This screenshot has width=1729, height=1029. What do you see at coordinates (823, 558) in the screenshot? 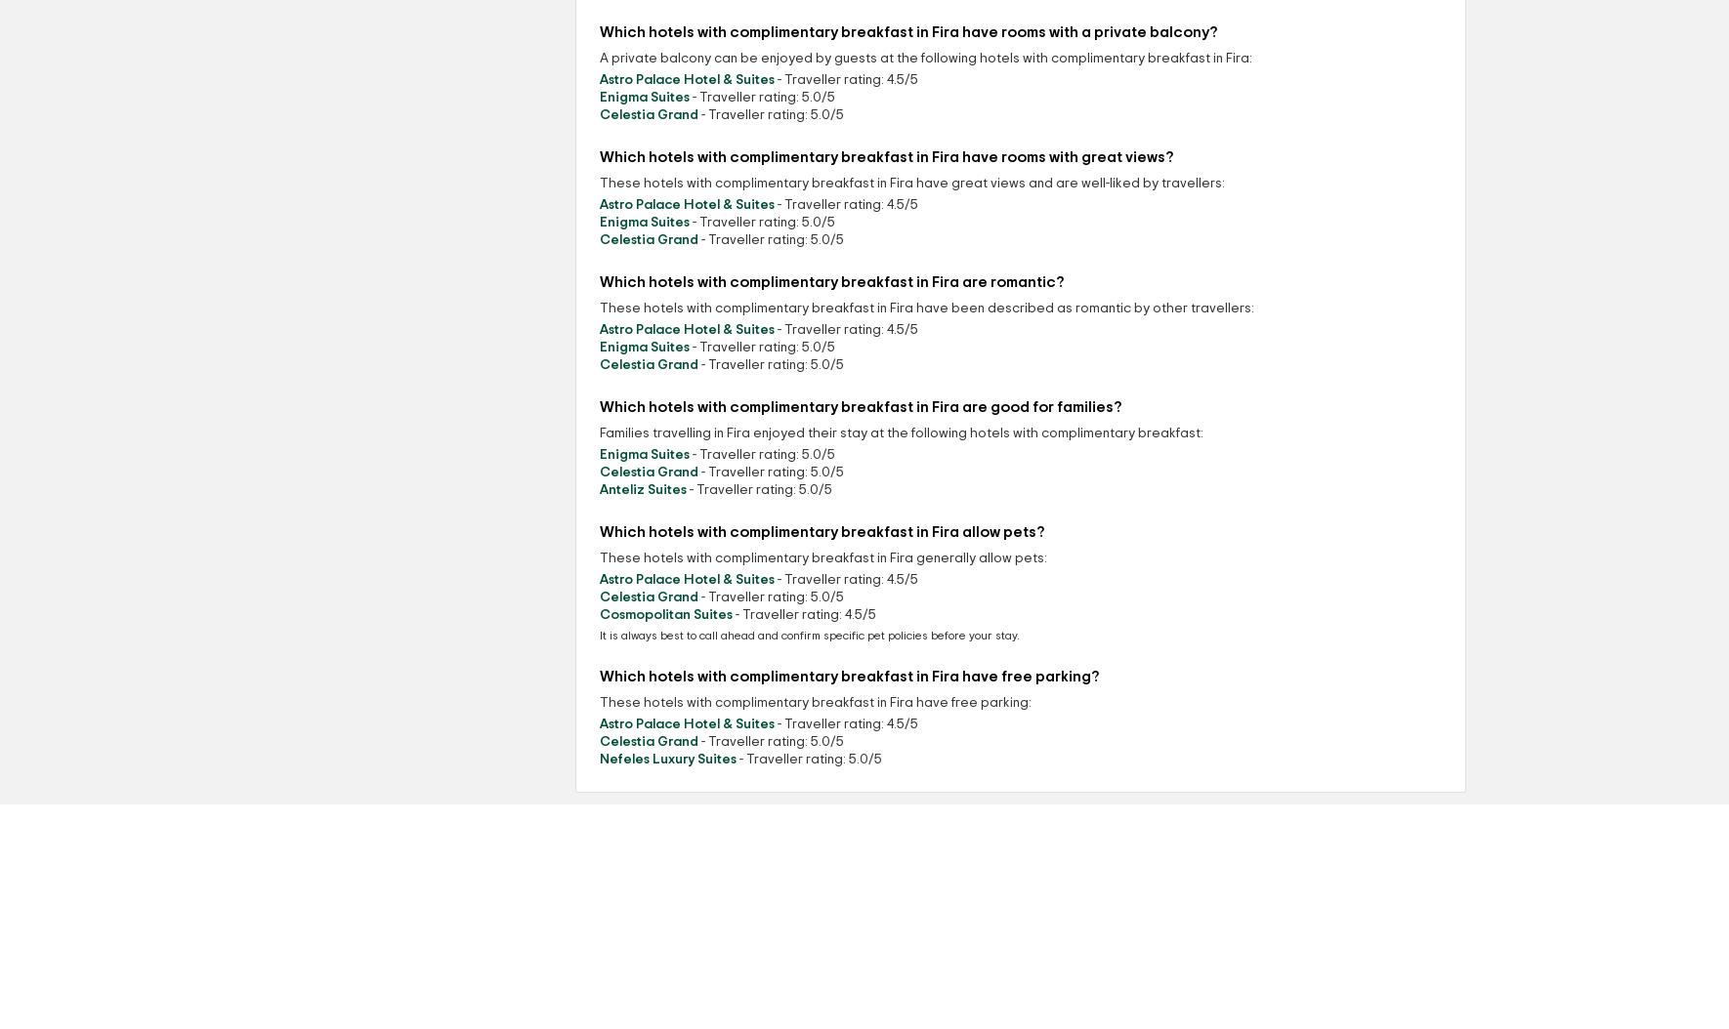
I see `'These hotels with complimentary breakfast in Fira generally allow pets:'` at bounding box center [823, 558].